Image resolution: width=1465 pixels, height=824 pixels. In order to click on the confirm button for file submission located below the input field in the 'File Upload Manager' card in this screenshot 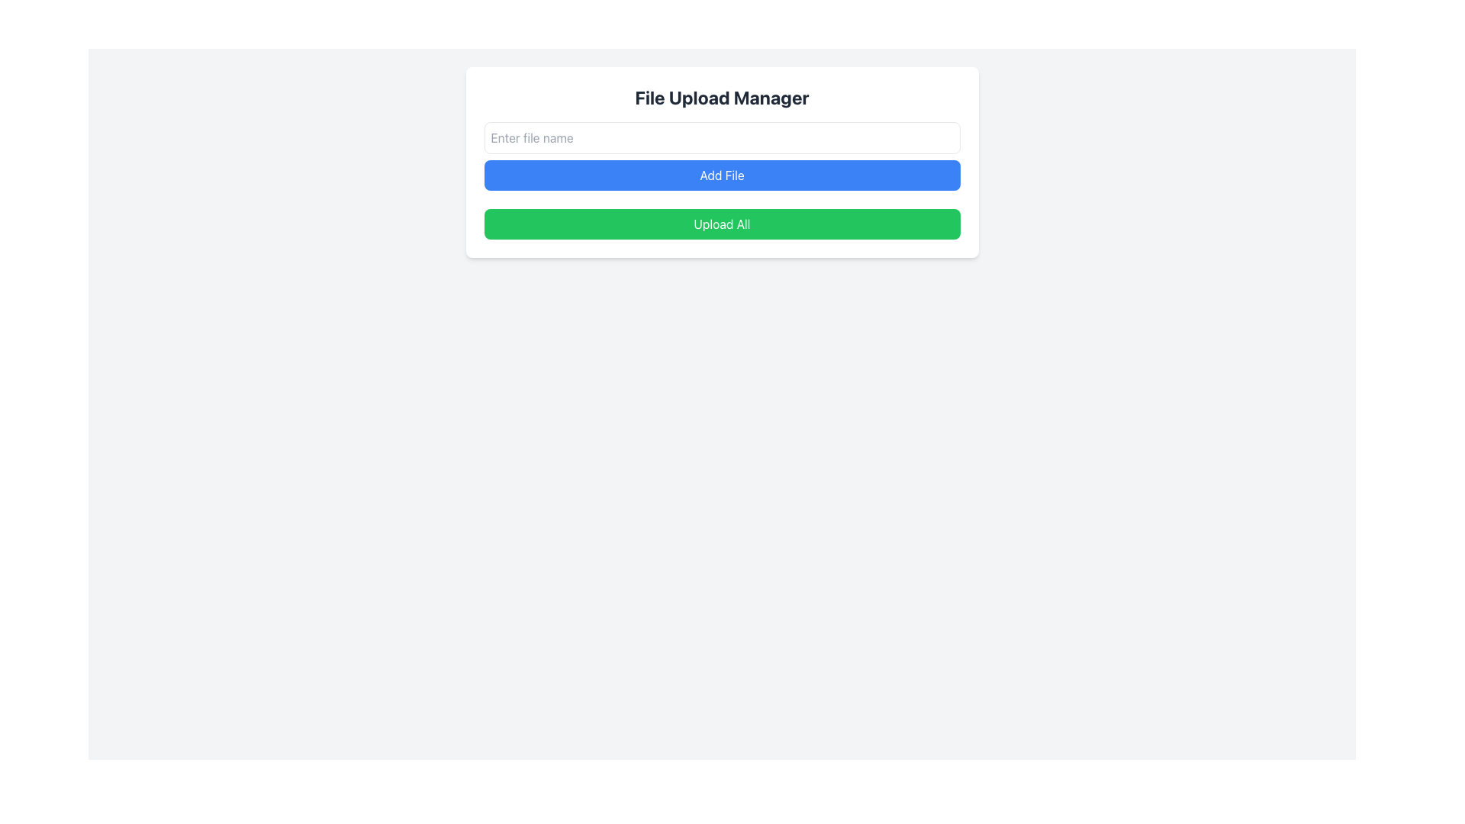, I will do `click(721, 156)`.